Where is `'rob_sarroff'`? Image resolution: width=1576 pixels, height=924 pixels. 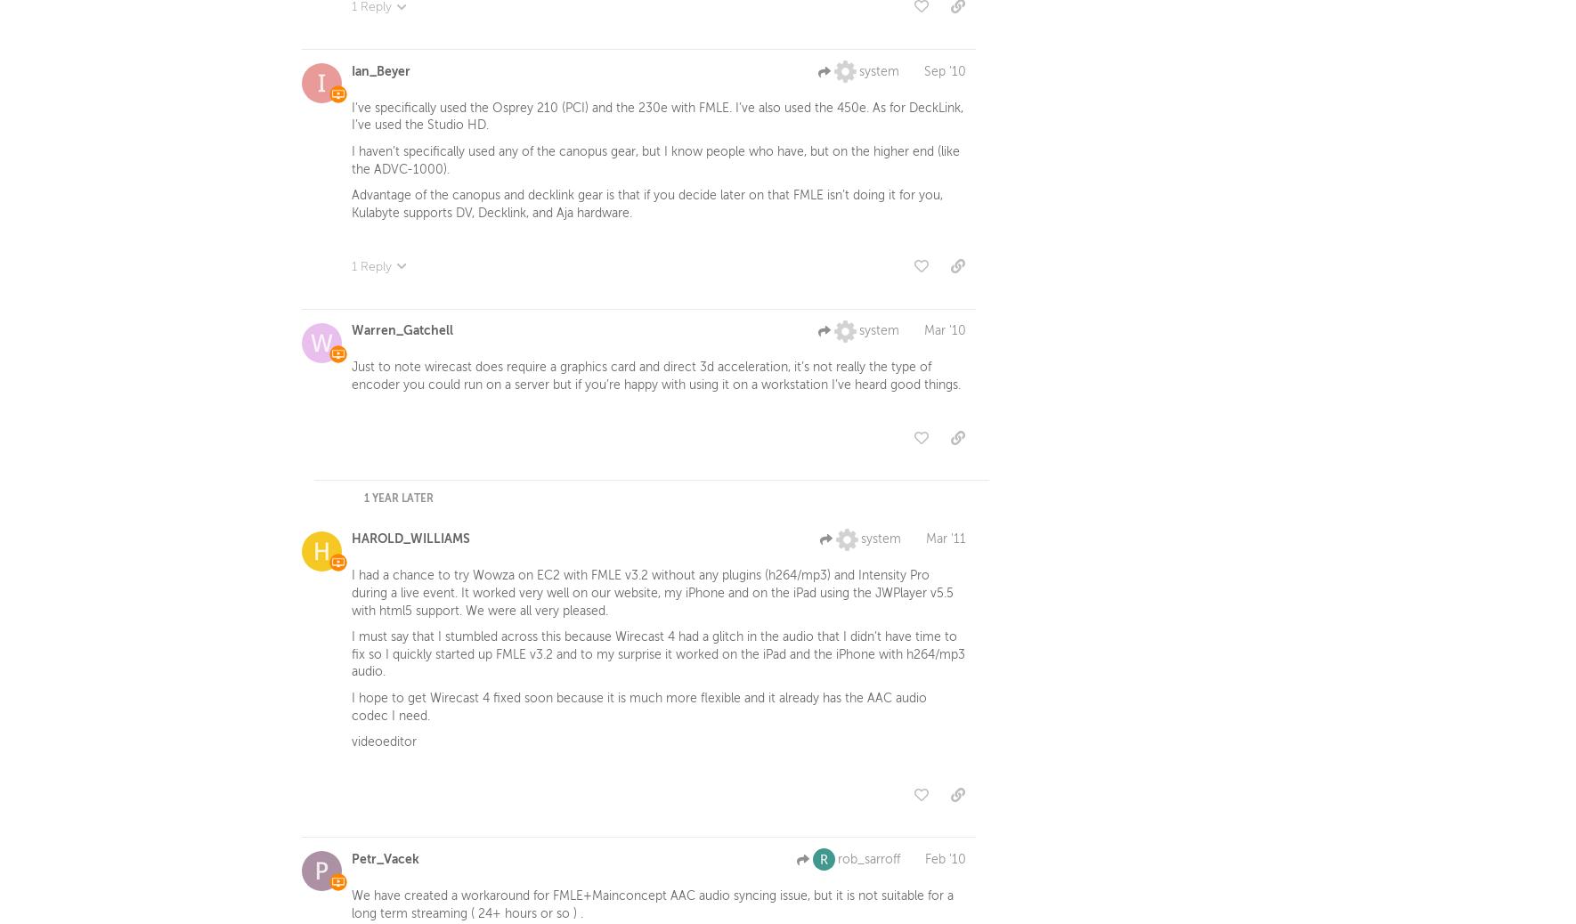
'rob_sarroff' is located at coordinates (836, 863).